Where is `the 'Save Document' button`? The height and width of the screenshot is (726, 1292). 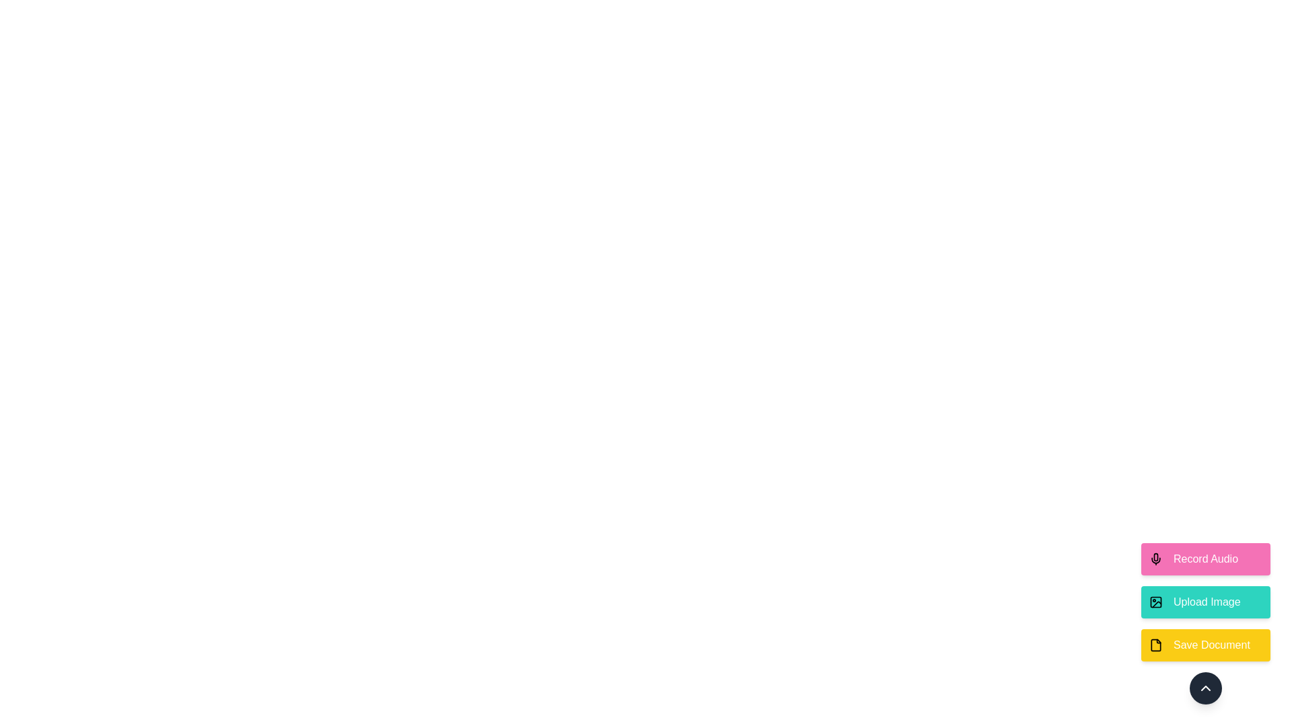 the 'Save Document' button is located at coordinates (1205, 645).